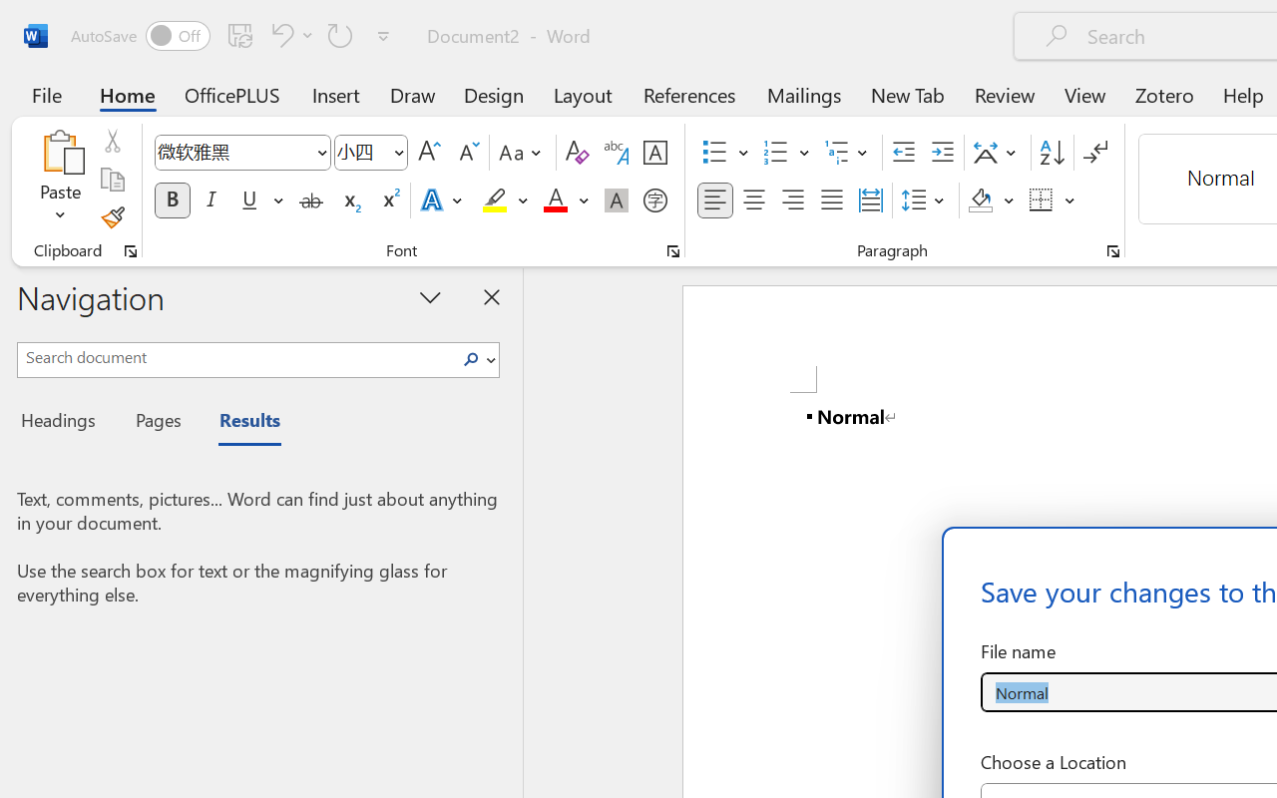  I want to click on 'Sort...', so click(1051, 153).